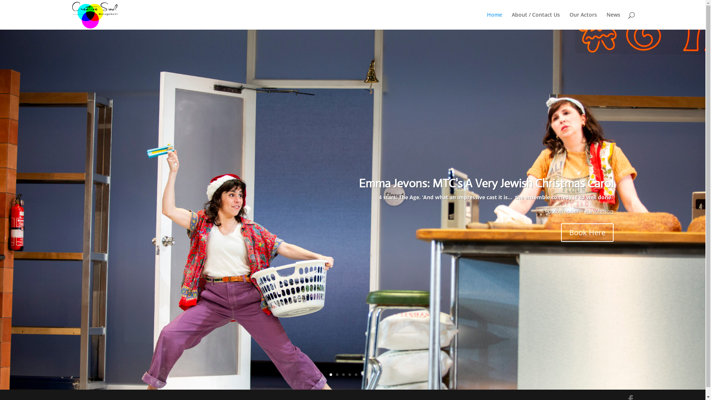 The width and height of the screenshot is (711, 400). I want to click on 'News', so click(613, 20).